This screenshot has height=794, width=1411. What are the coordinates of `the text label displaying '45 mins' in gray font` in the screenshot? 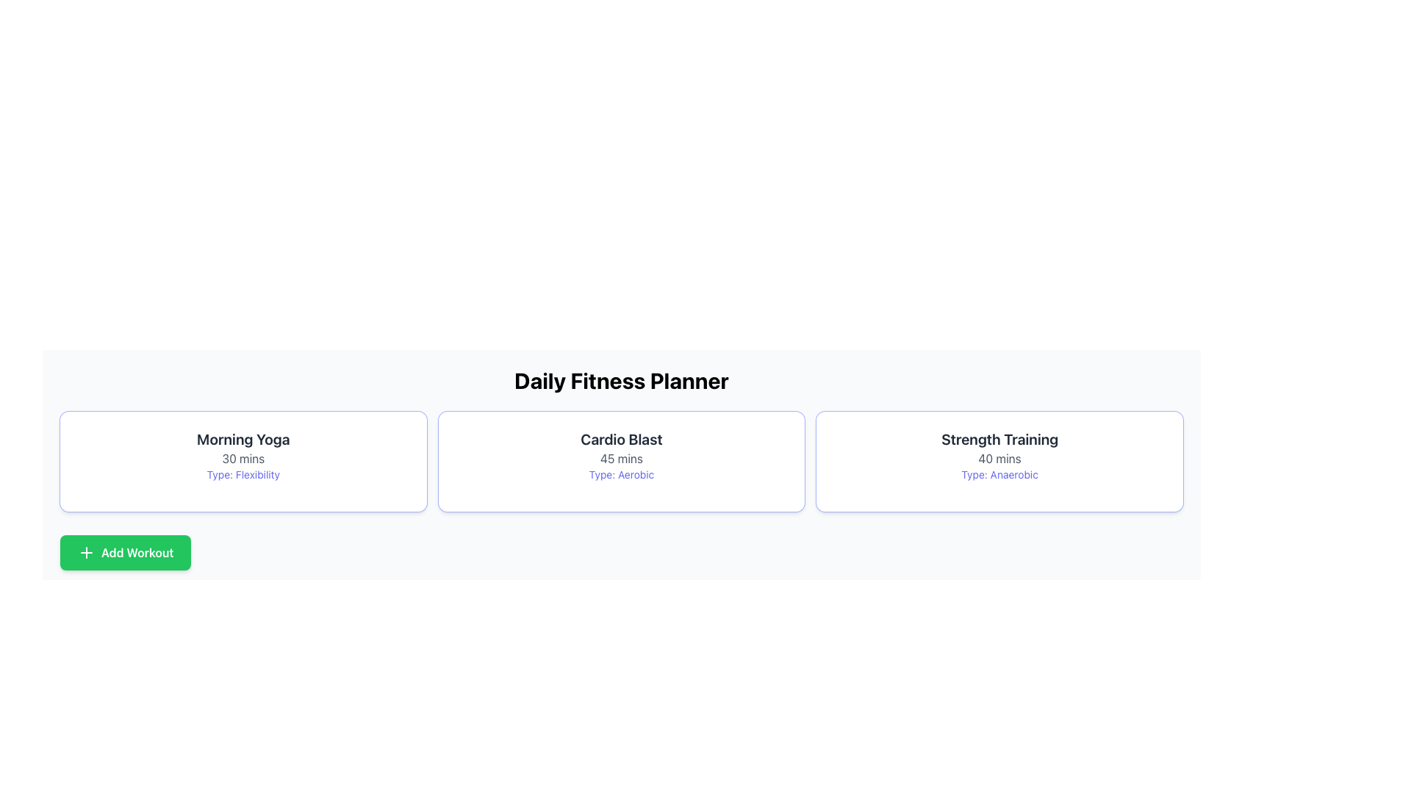 It's located at (621, 458).